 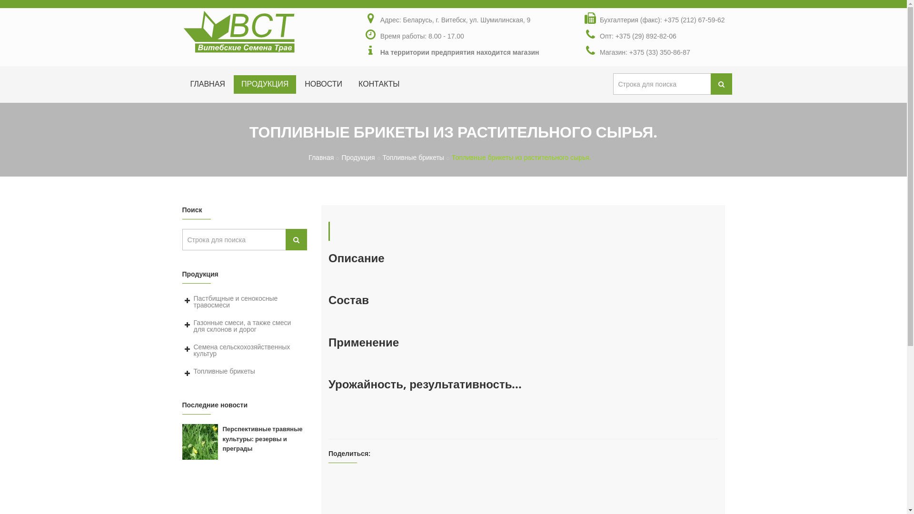 What do you see at coordinates (659, 52) in the screenshot?
I see `'+375 (33) 350-86-87'` at bounding box center [659, 52].